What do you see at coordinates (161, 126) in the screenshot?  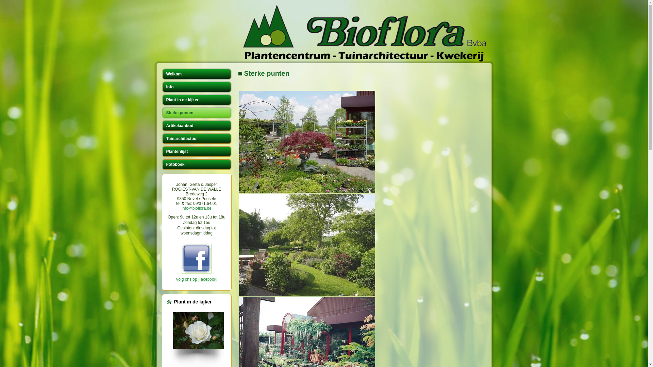 I see `'Artikelaanbod'` at bounding box center [161, 126].